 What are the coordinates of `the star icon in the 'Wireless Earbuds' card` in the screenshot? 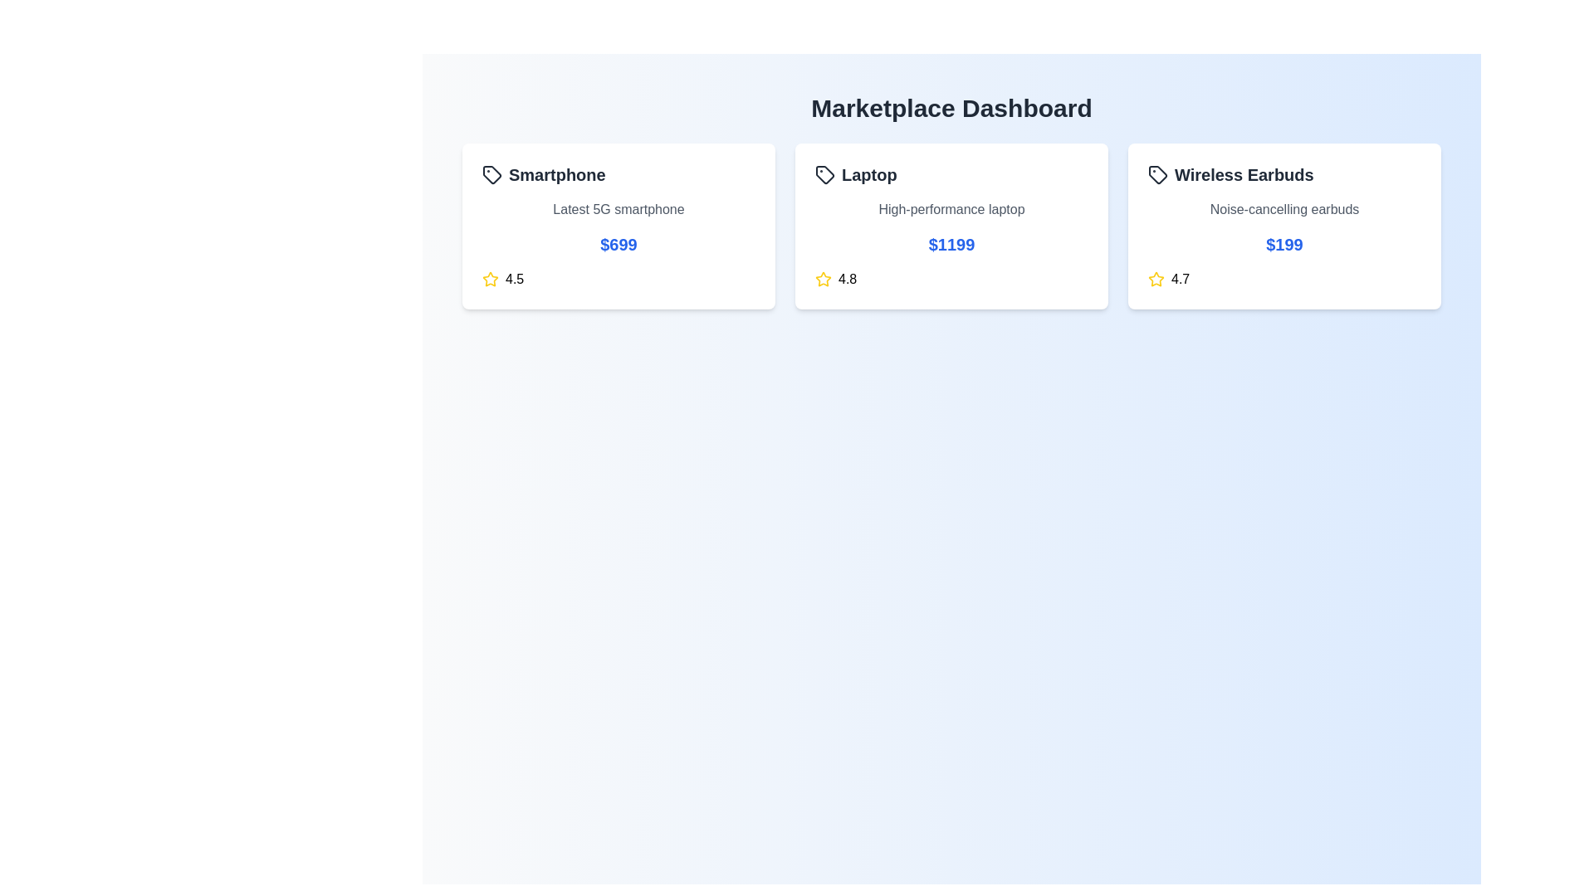 It's located at (1155, 278).